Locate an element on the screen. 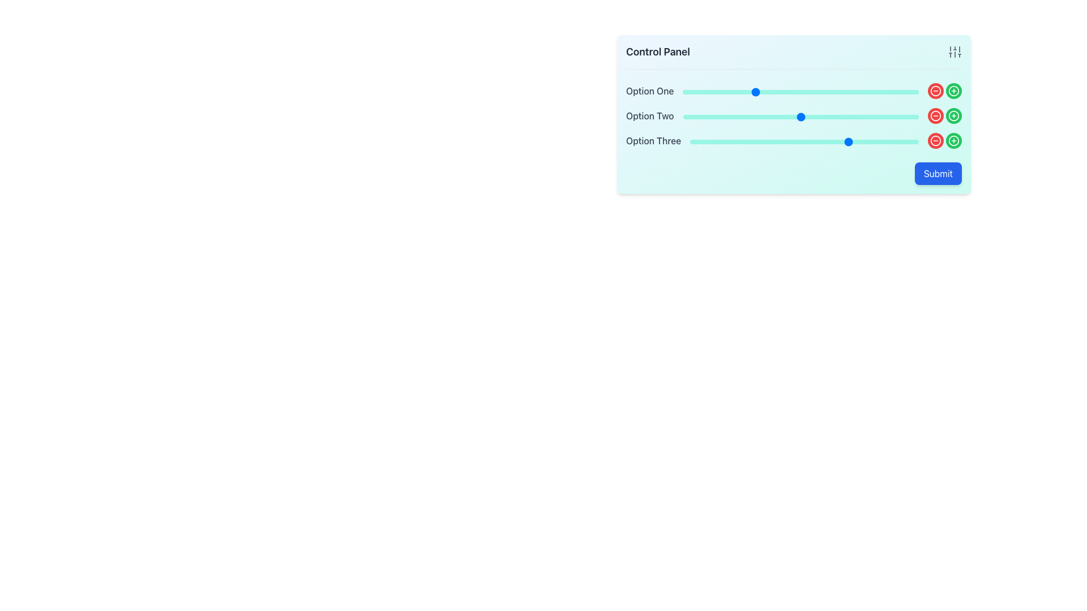 The width and height of the screenshot is (1087, 611). the slider is located at coordinates (904, 117).